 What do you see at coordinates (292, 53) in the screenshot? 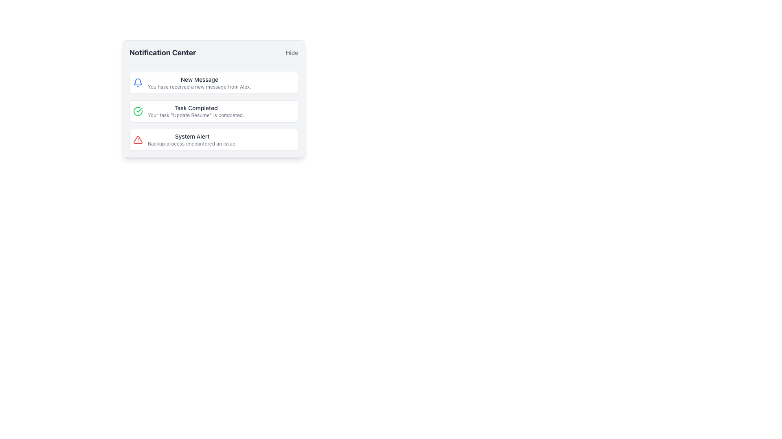
I see `the clickable label or text button in the top-right corner of the notification center's header to hide the notification center` at bounding box center [292, 53].